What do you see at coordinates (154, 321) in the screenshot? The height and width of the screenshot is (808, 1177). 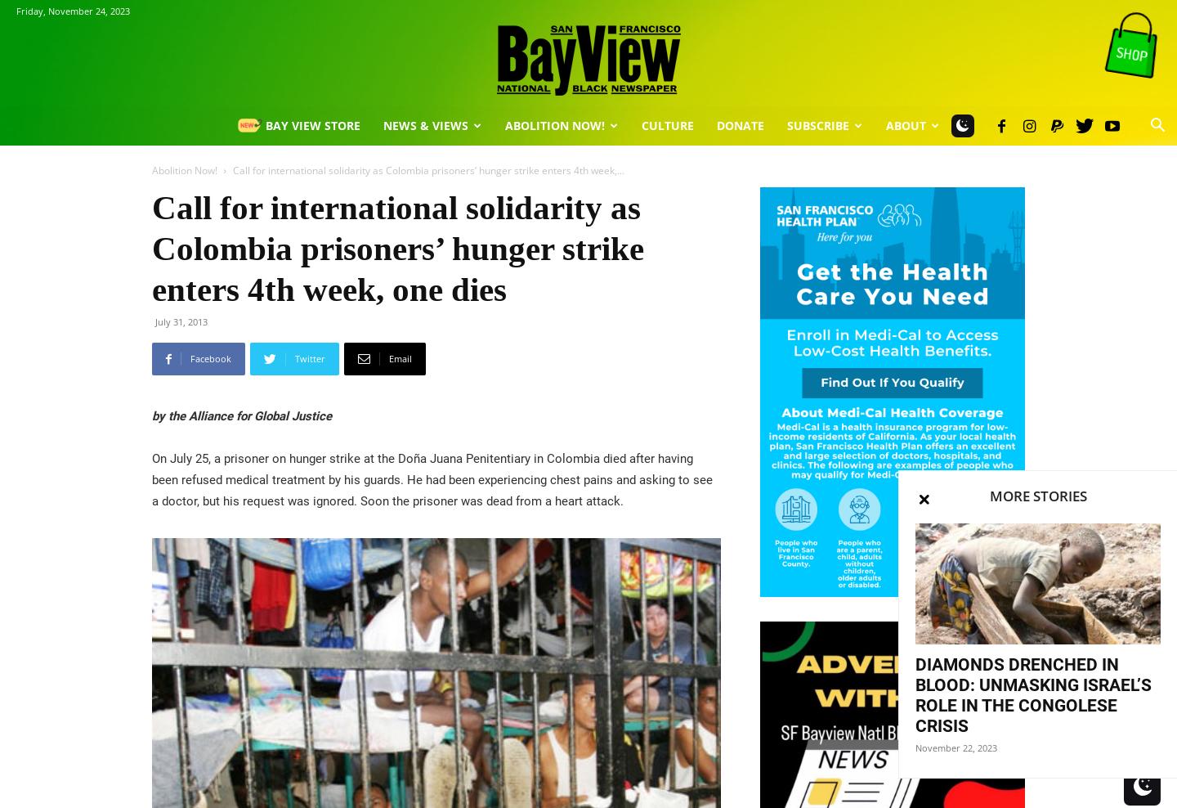 I see `'July 31, 2013'` at bounding box center [154, 321].